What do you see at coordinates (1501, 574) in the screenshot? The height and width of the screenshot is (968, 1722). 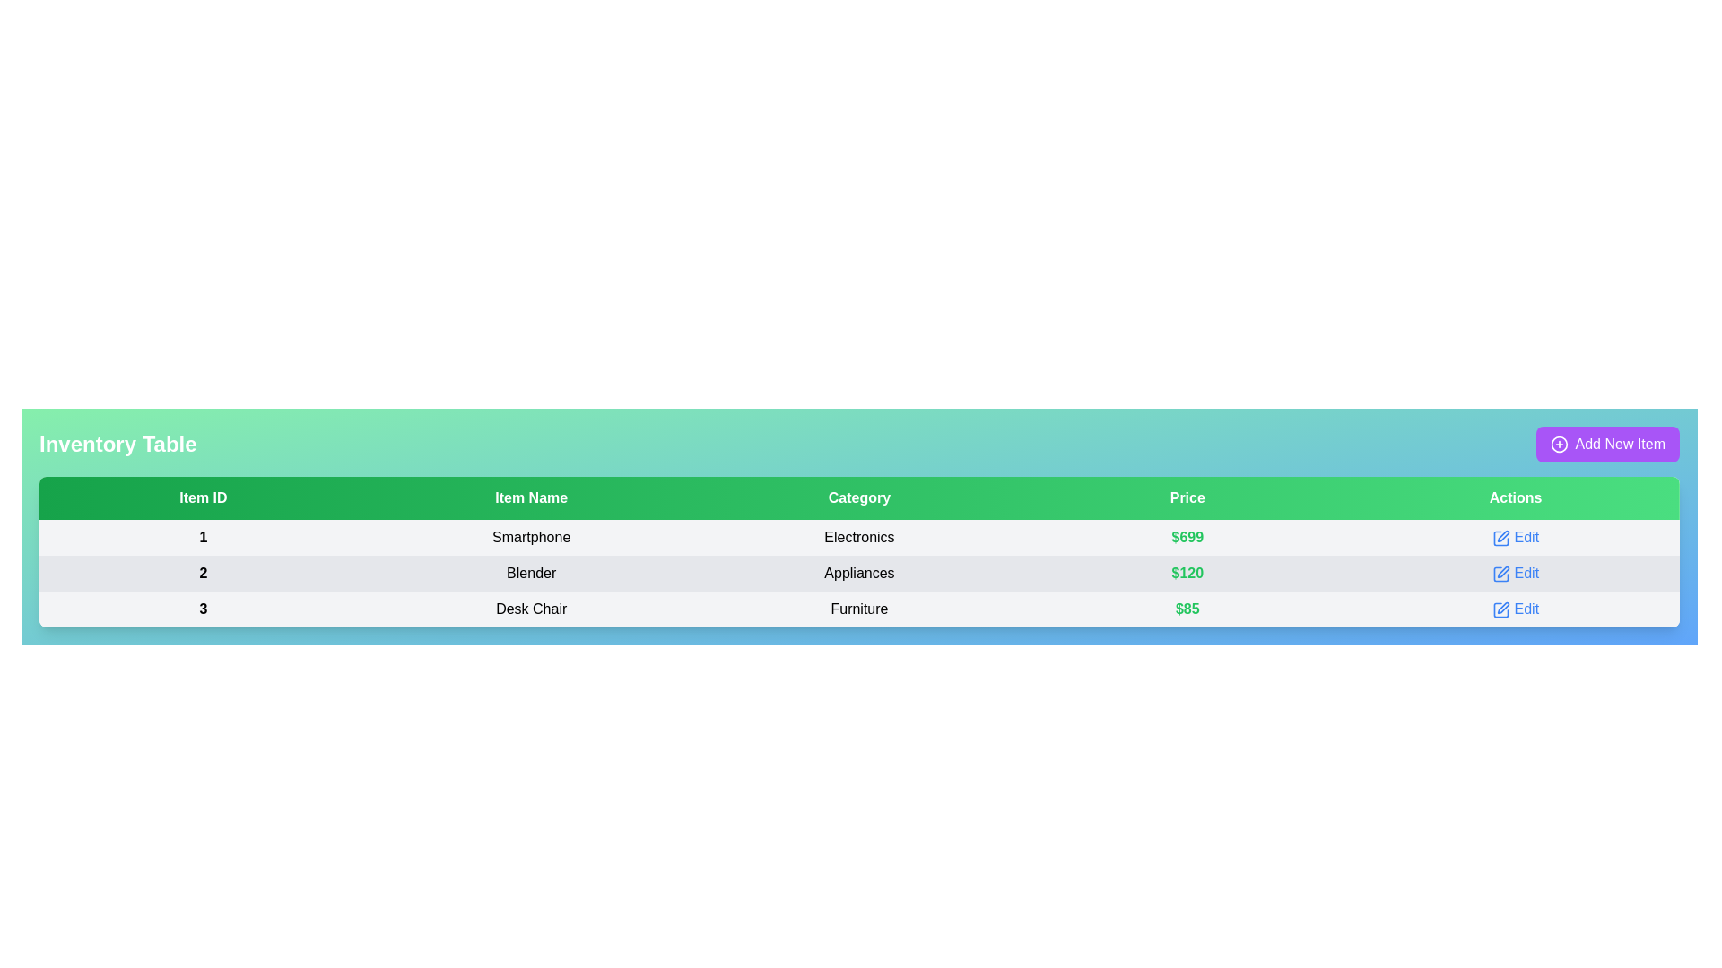 I see `the square outline icon with a pen crossing it diagonally in the Actions column on the second row corresponding to the Blender item to initiate the edit action` at bounding box center [1501, 574].